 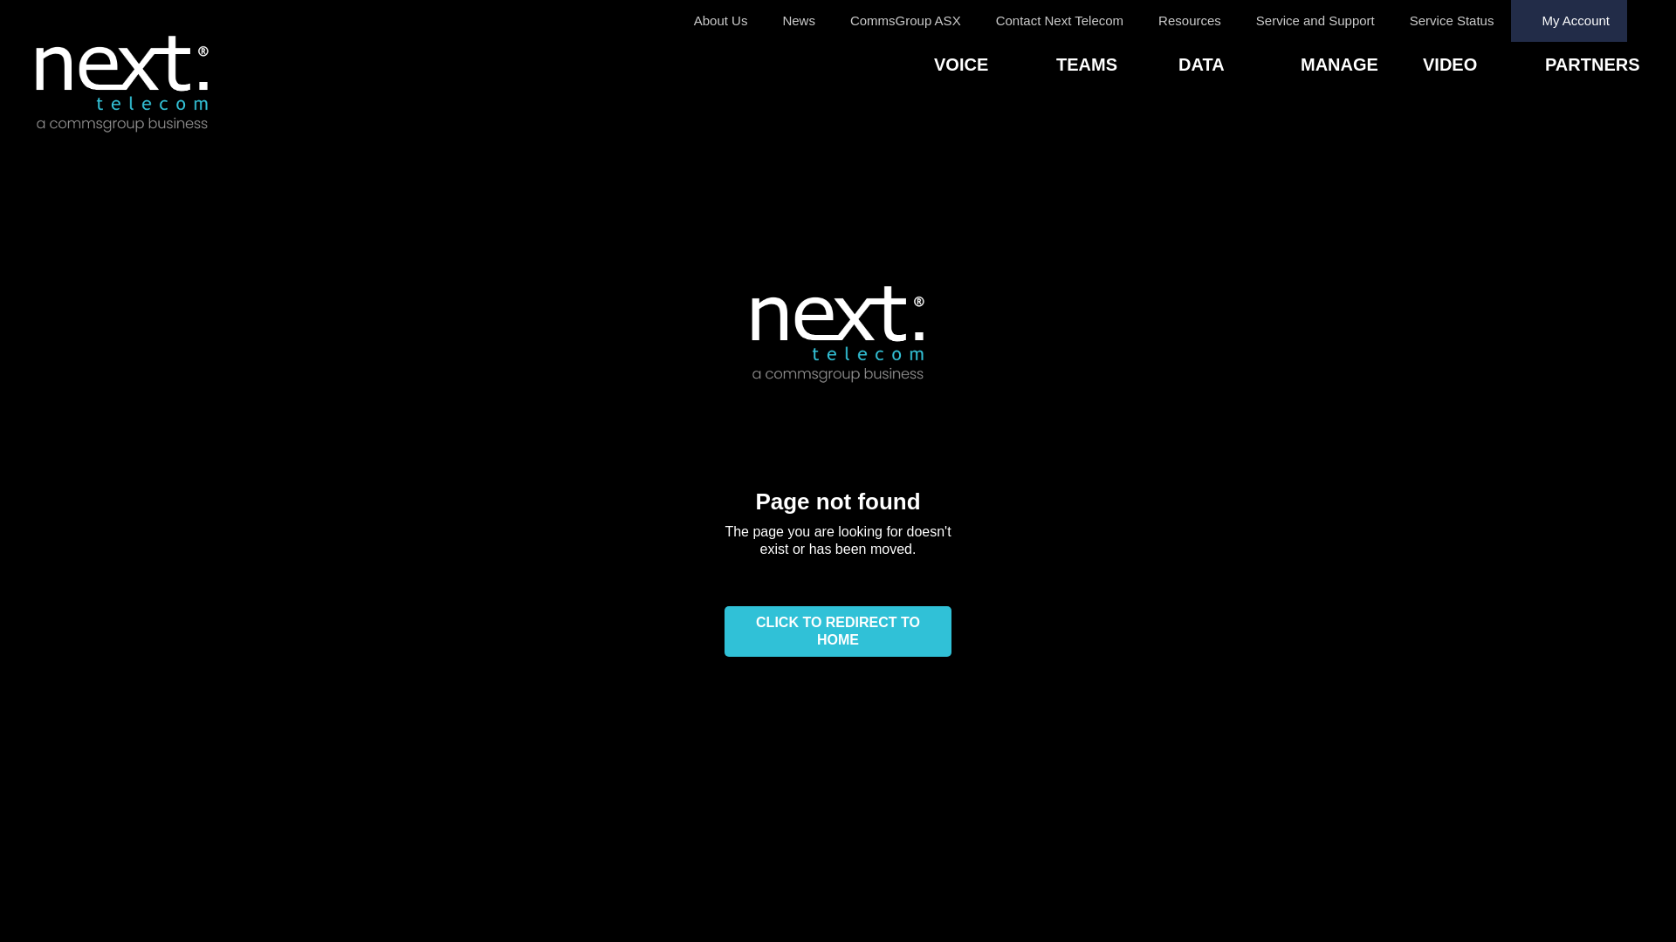 I want to click on 'My Account', so click(x=1569, y=20).